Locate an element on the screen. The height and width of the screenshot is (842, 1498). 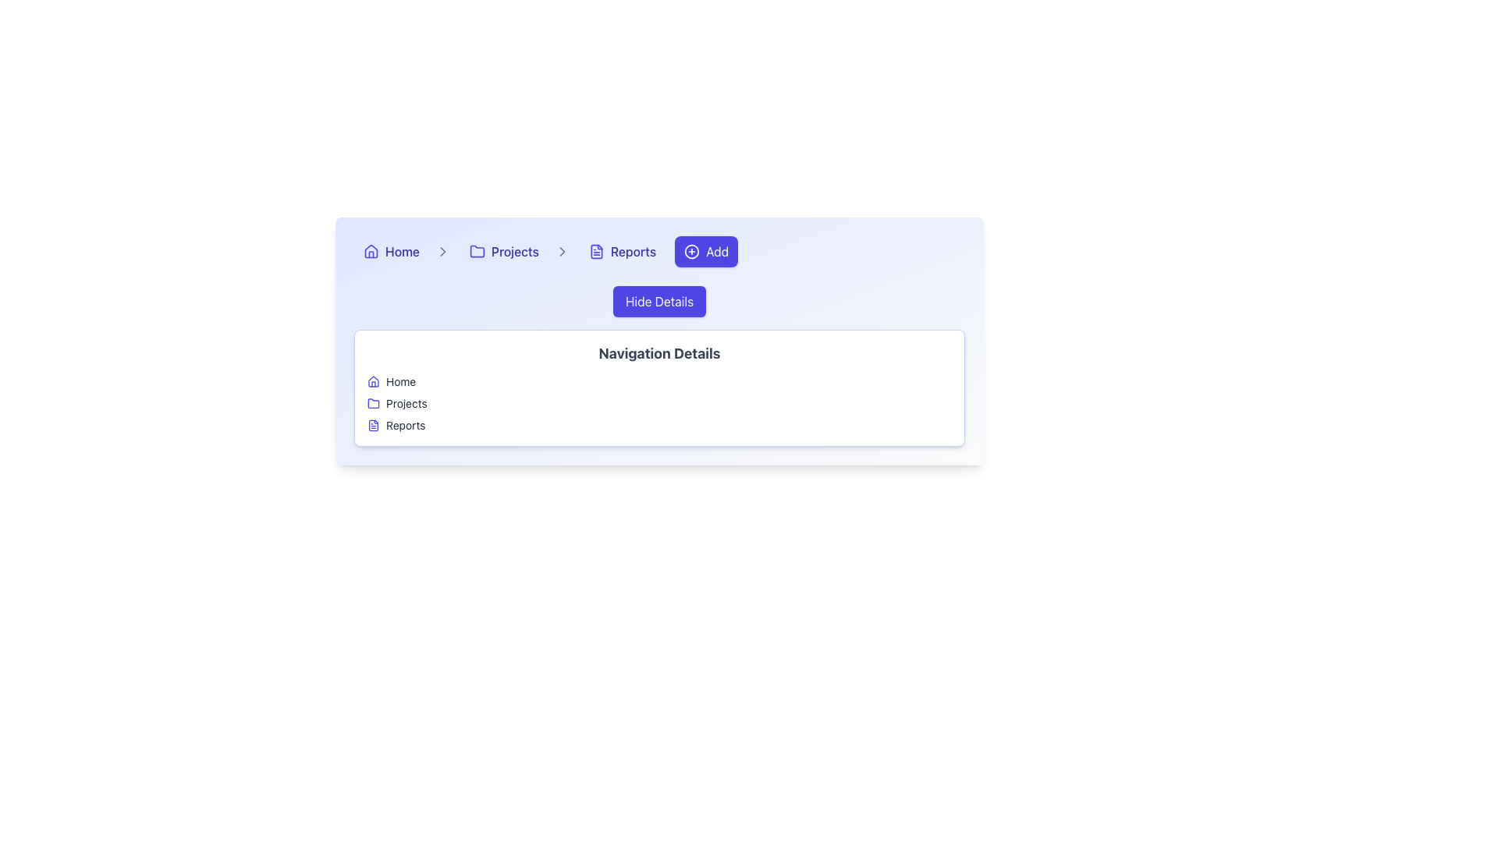
the separator icon in the breadcrumb navigation, which is positioned between the 'Home' link and 'Projects' text is located at coordinates (442, 251).